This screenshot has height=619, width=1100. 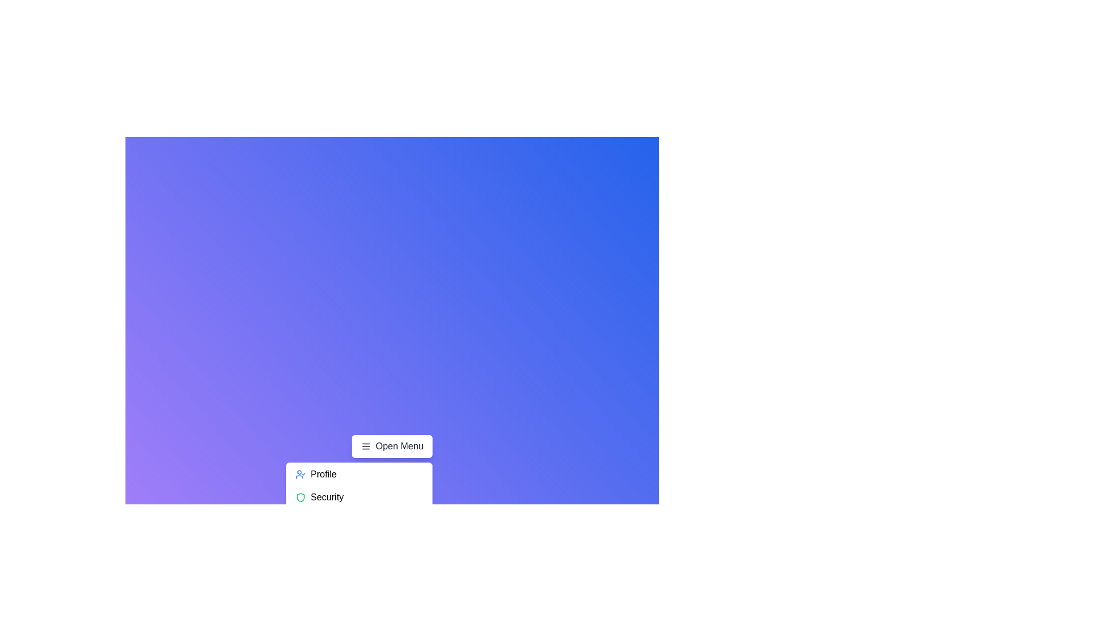 What do you see at coordinates (392, 446) in the screenshot?
I see `the 'Open Menu' button to toggle the menu visibility` at bounding box center [392, 446].